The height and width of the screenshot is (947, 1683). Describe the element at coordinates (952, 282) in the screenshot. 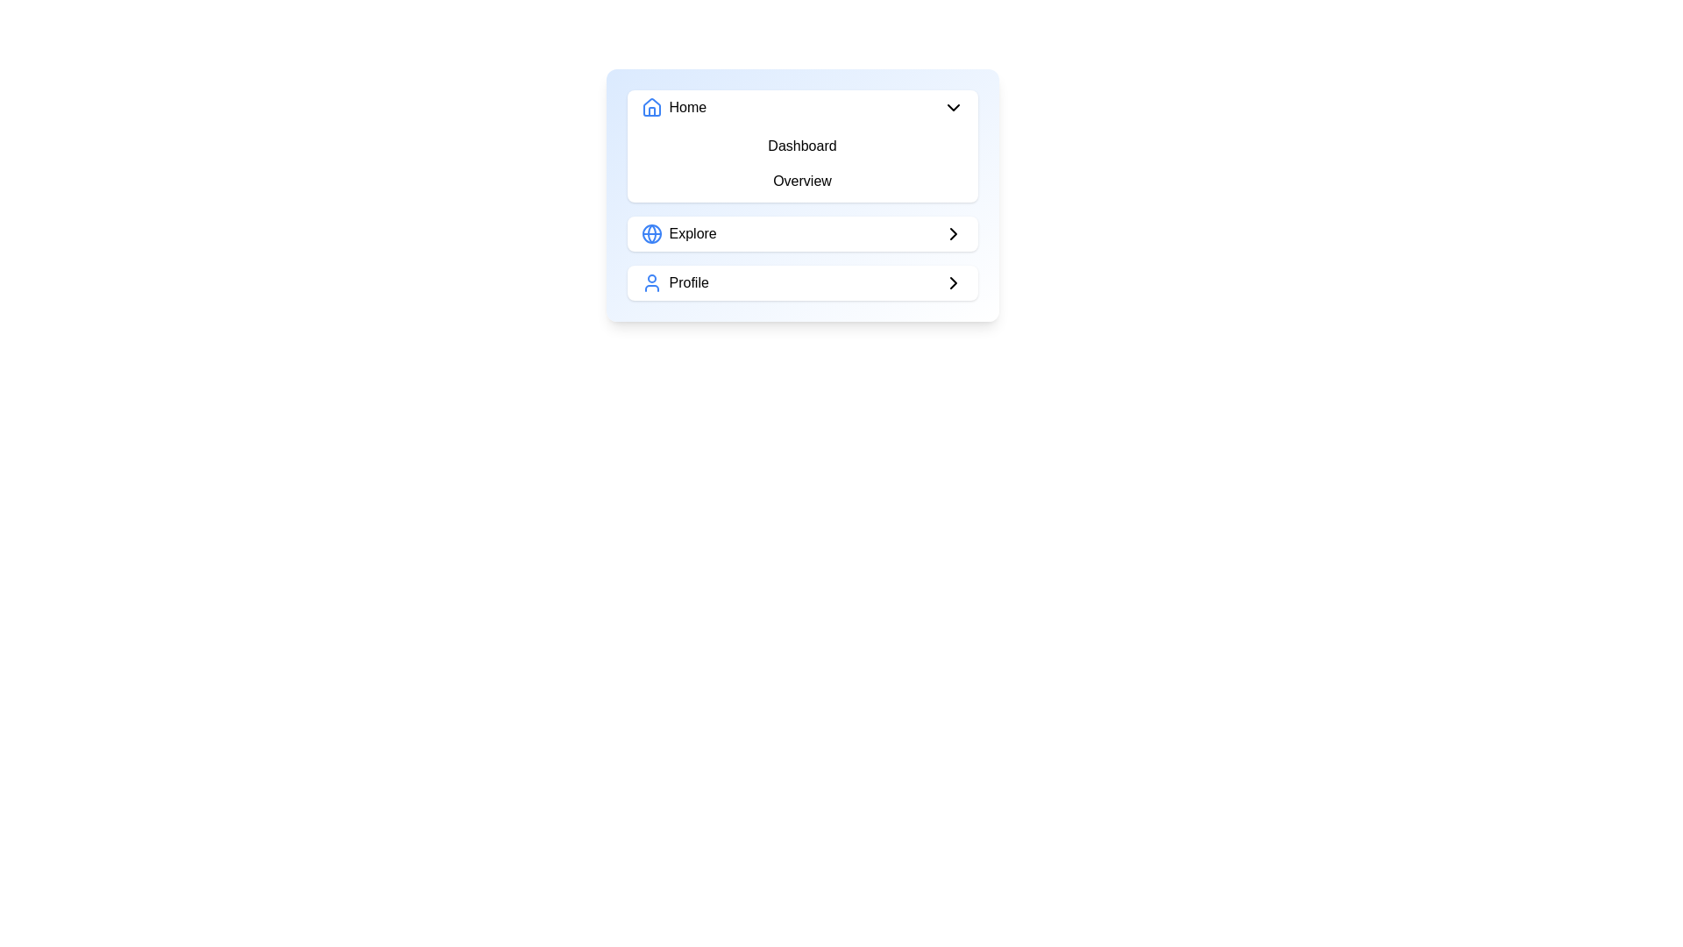

I see `the Chevron icon located to the right of the 'Profile' text` at that location.